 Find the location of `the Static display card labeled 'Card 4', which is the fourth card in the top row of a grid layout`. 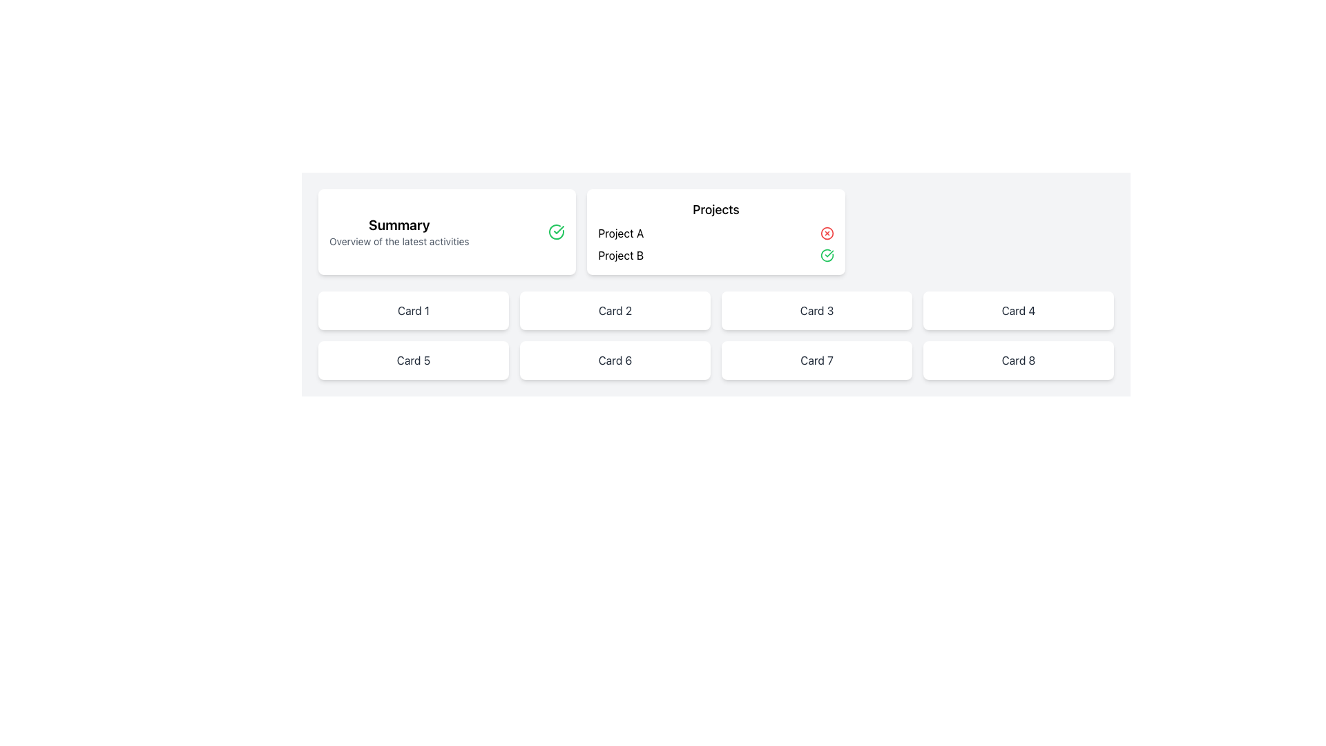

the Static display card labeled 'Card 4', which is the fourth card in the top row of a grid layout is located at coordinates (1018, 311).